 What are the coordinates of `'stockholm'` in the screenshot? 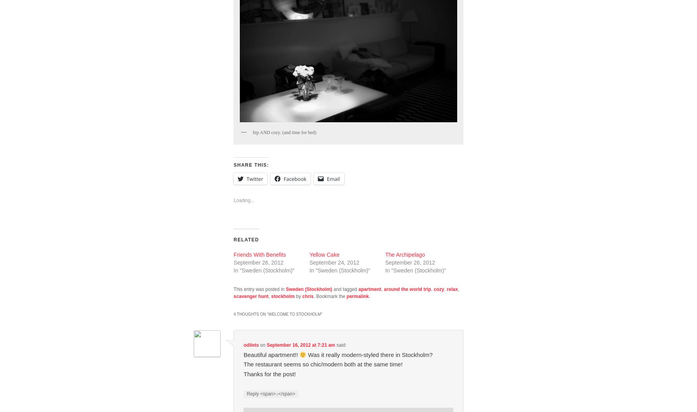 It's located at (282, 296).